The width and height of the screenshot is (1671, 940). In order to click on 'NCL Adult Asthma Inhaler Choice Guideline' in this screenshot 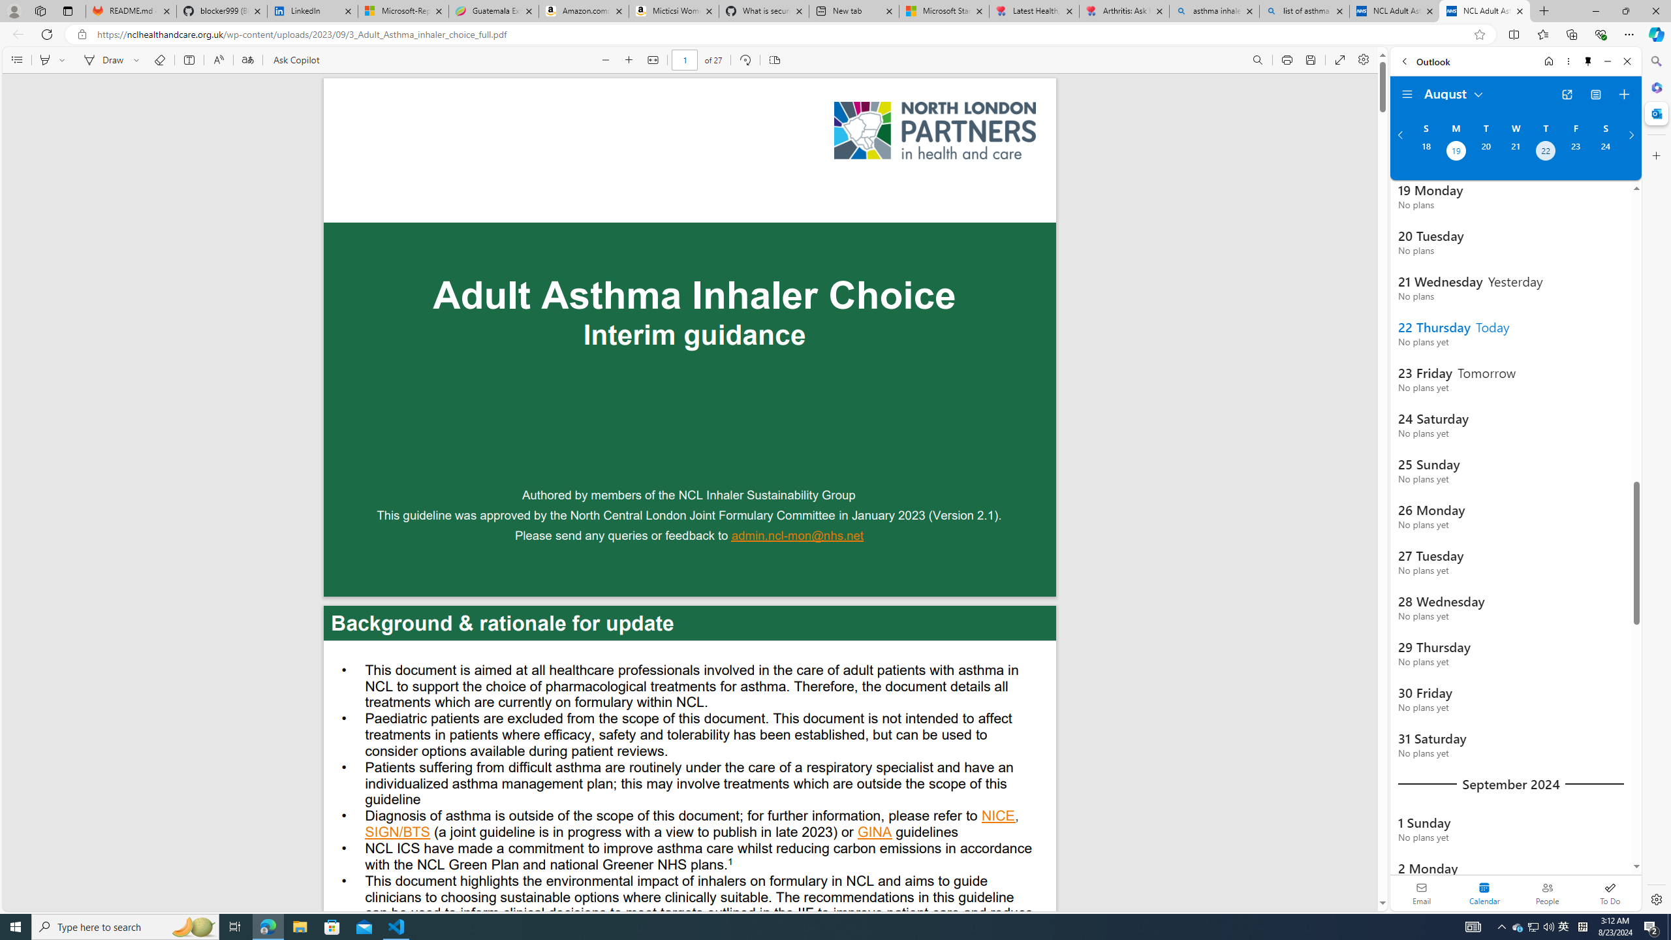, I will do `click(1484, 10)`.